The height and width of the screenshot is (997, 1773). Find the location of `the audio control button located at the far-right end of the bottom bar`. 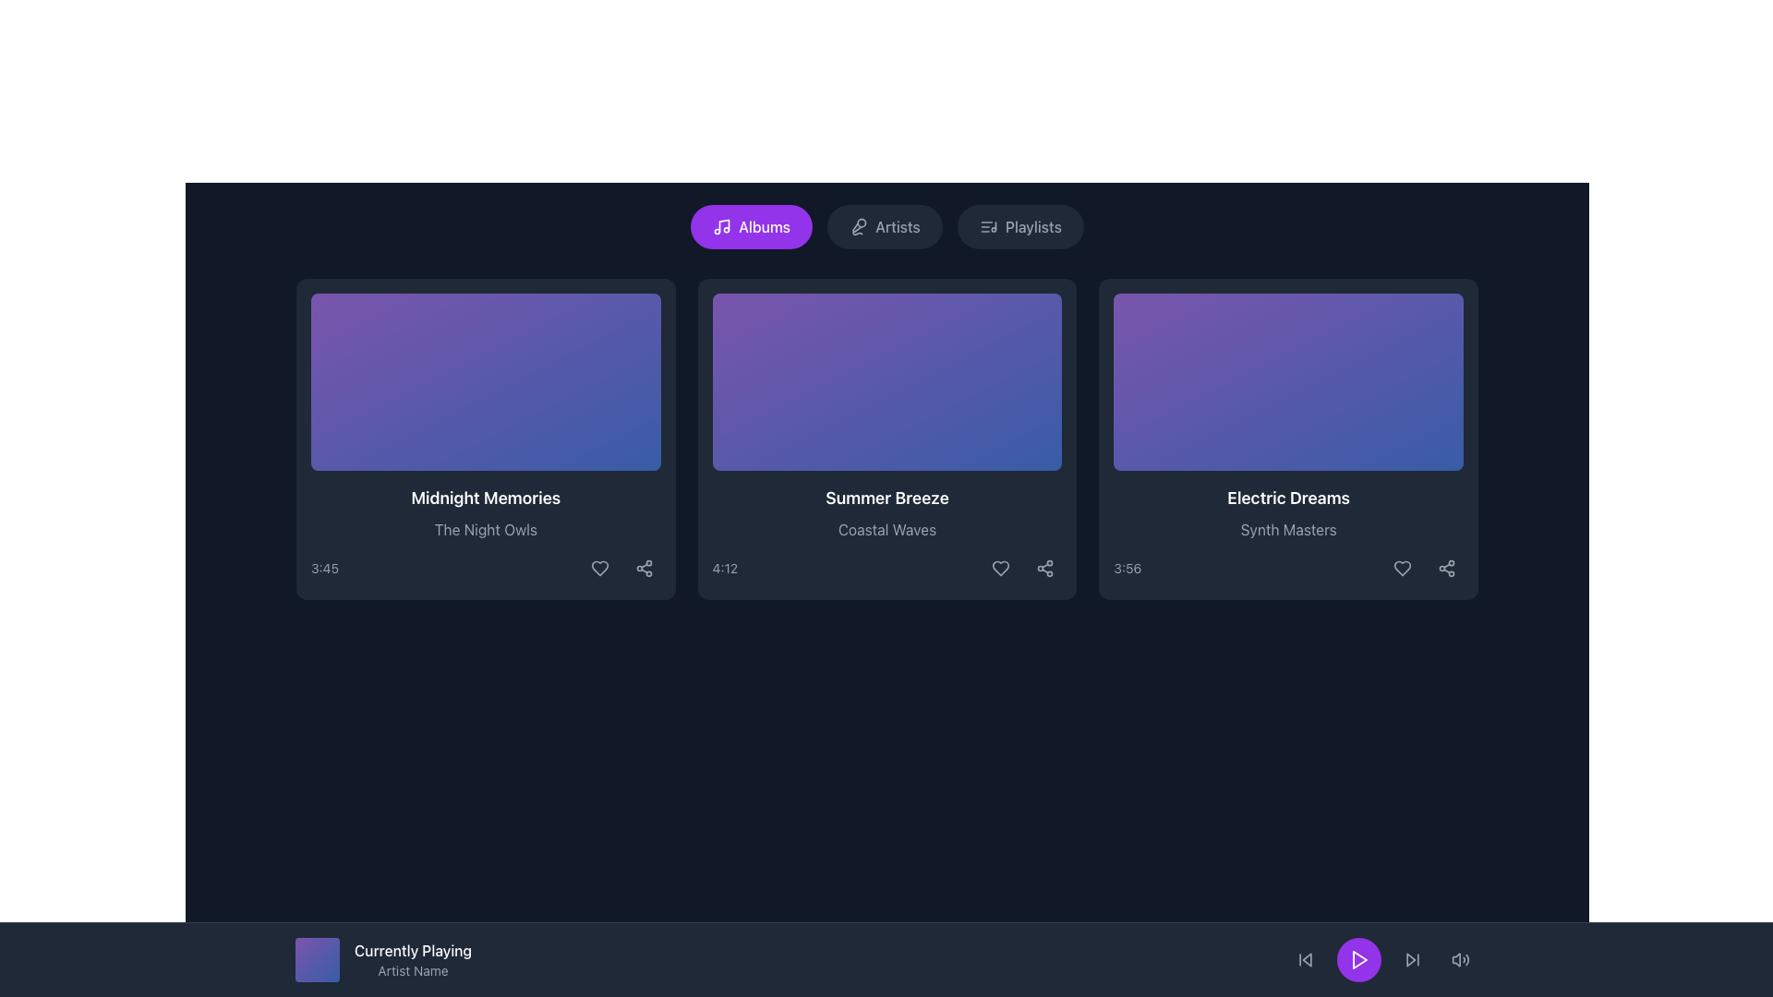

the audio control button located at the far-right end of the bottom bar is located at coordinates (1460, 959).